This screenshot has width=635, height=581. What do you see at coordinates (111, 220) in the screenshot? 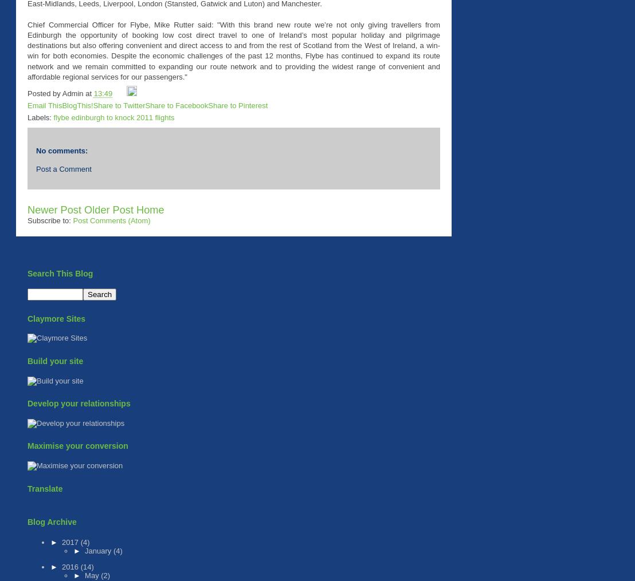
I see `'Post Comments (Atom)'` at bounding box center [111, 220].